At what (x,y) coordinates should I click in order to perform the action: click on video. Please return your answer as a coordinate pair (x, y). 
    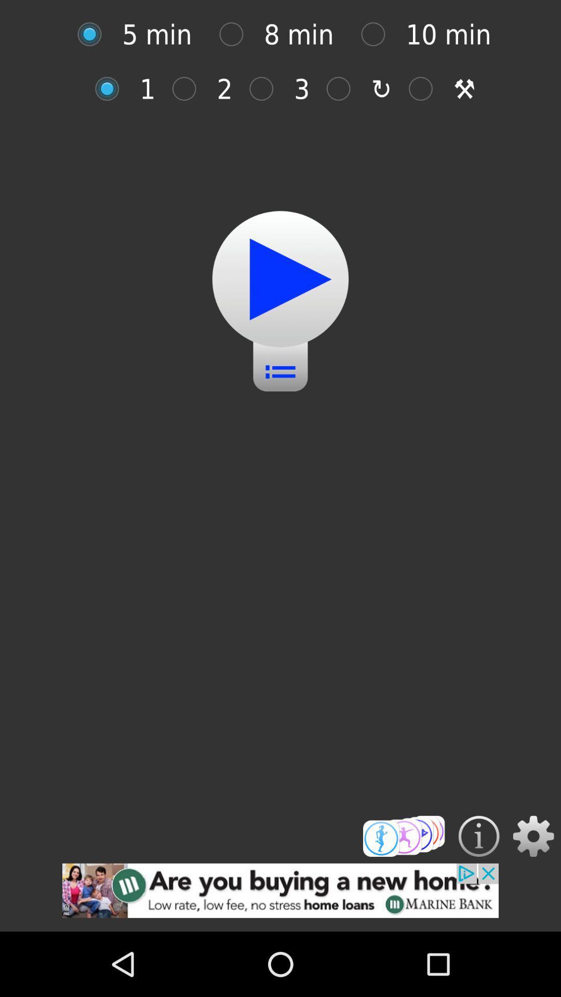
    Looking at the image, I should click on (280, 279).